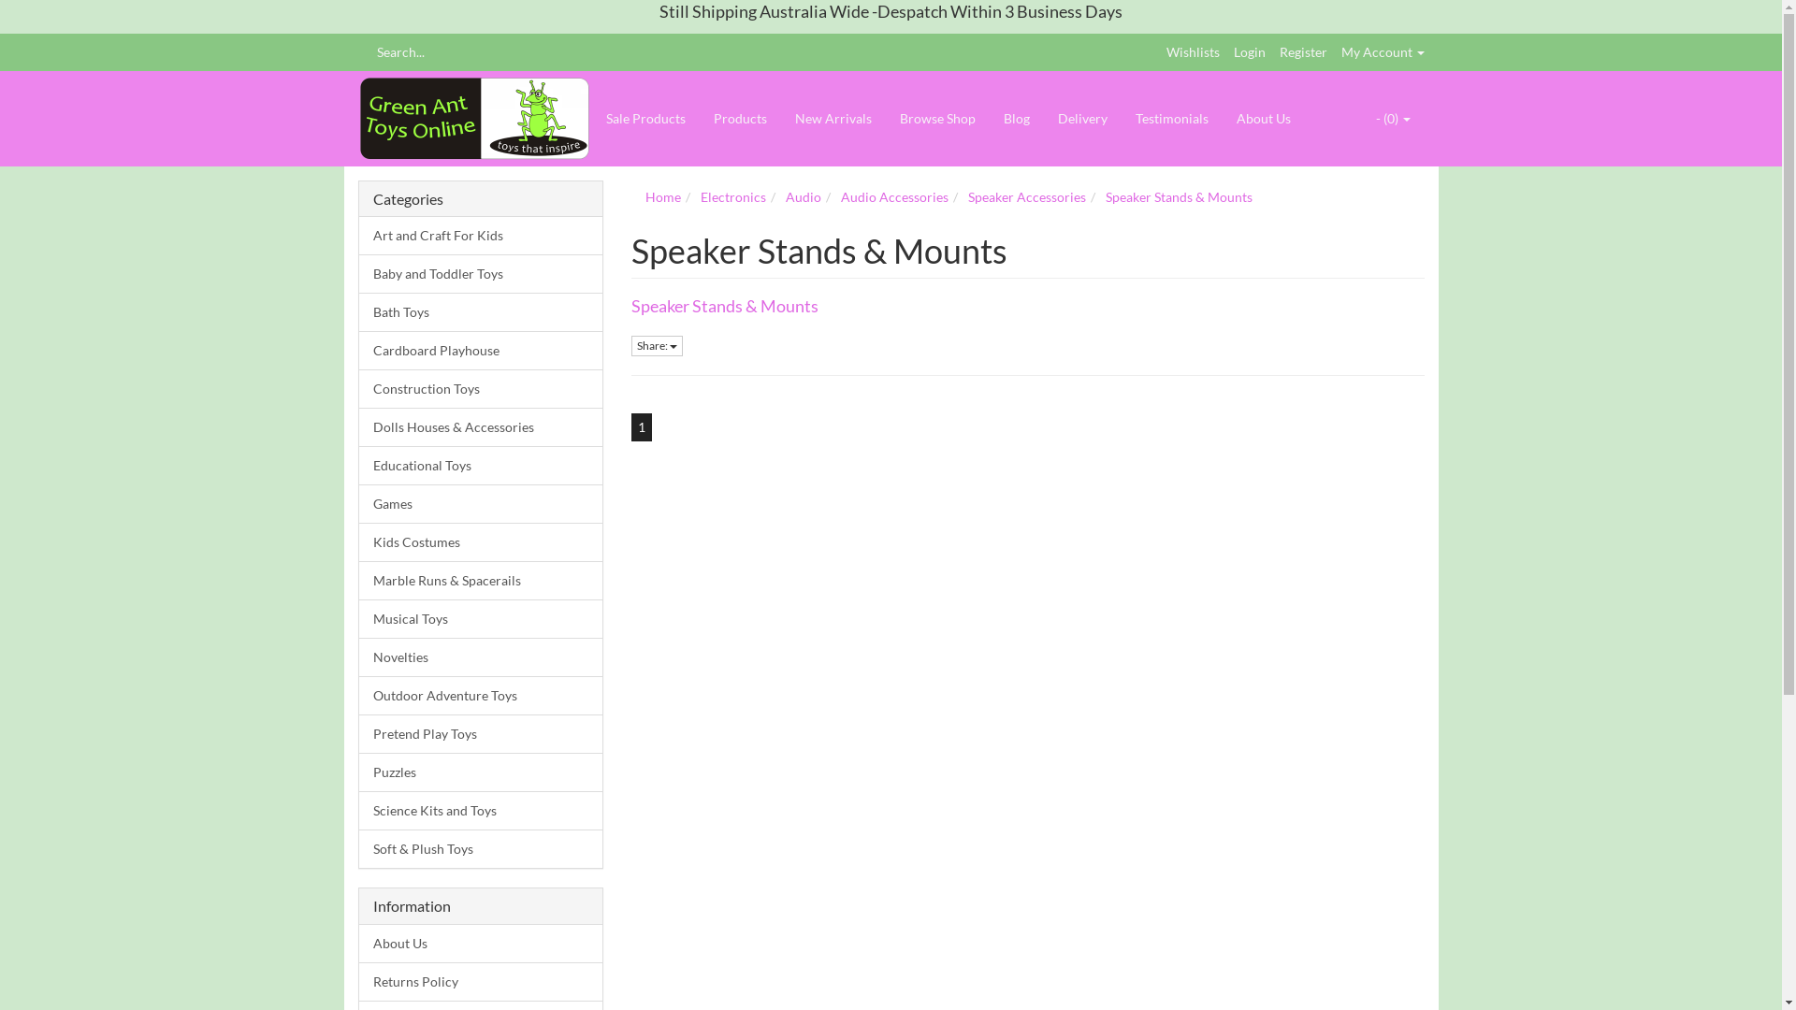 The width and height of the screenshot is (1796, 1010). I want to click on 'Novelties', so click(481, 656).